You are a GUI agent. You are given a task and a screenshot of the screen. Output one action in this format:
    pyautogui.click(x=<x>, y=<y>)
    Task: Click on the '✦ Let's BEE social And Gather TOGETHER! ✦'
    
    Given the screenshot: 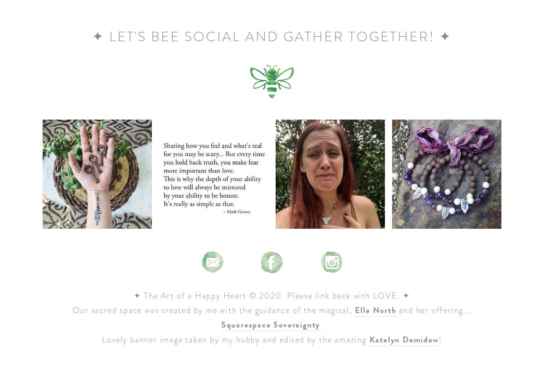 What is the action you would take?
    pyautogui.click(x=272, y=36)
    